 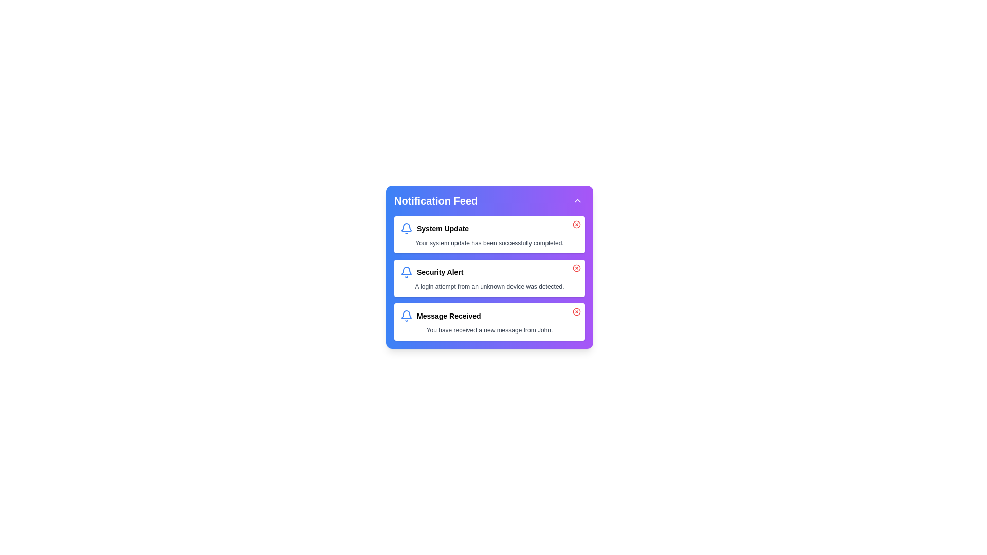 What do you see at coordinates (406, 271) in the screenshot?
I see `the blue bell icon indicating a notification before the text 'Security Alert' in the notification feed` at bounding box center [406, 271].